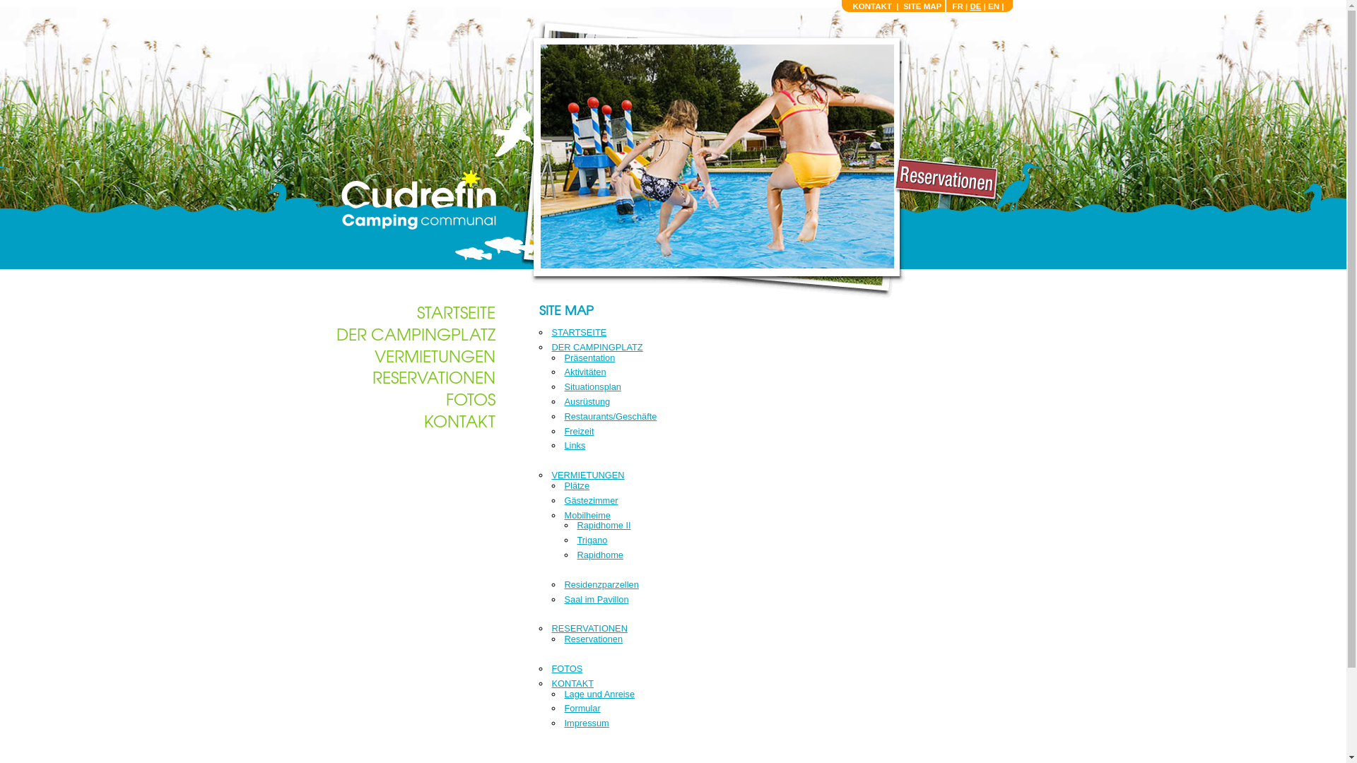 This screenshot has height=763, width=1357. Describe the element at coordinates (563, 430) in the screenshot. I see `'Freizeit'` at that location.